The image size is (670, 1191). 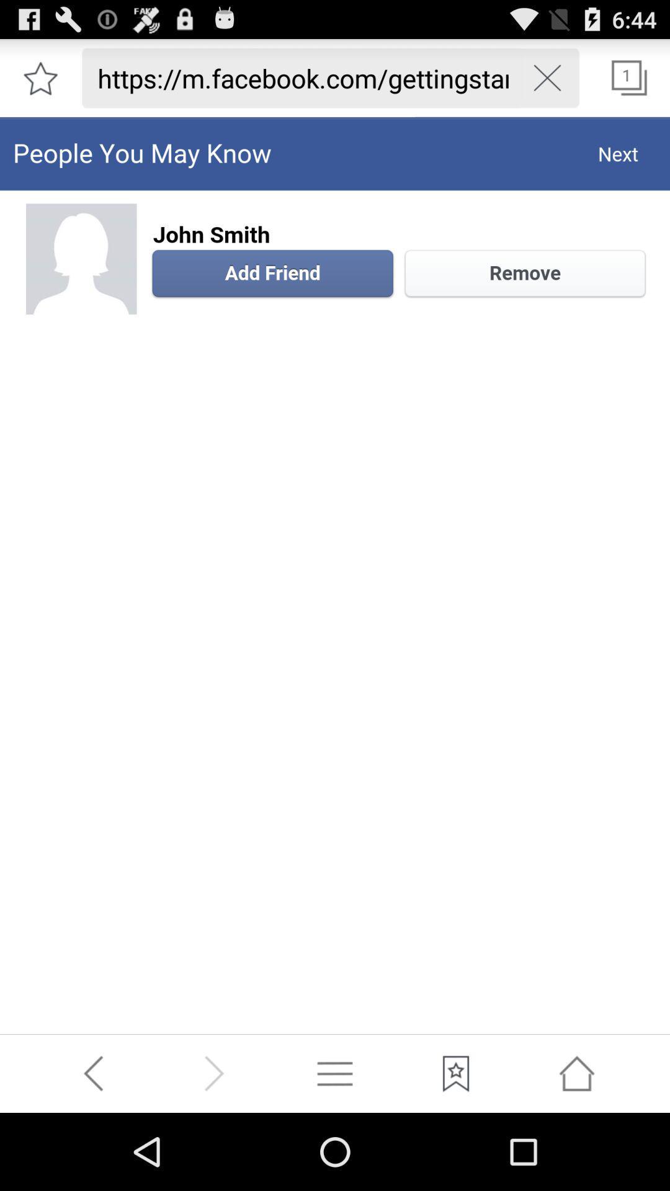 I want to click on the menu icon, so click(x=335, y=1148).